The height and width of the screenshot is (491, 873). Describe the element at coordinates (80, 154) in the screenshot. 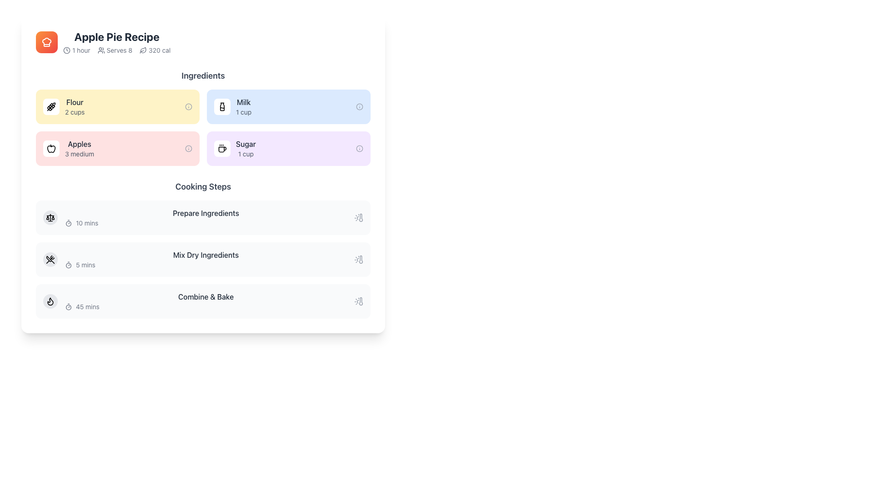

I see `the text label '3 medium' displayed in a small-sized font inside the pinkish box labeled 'Apples', which is located in the section titled 'Ingredients'` at that location.